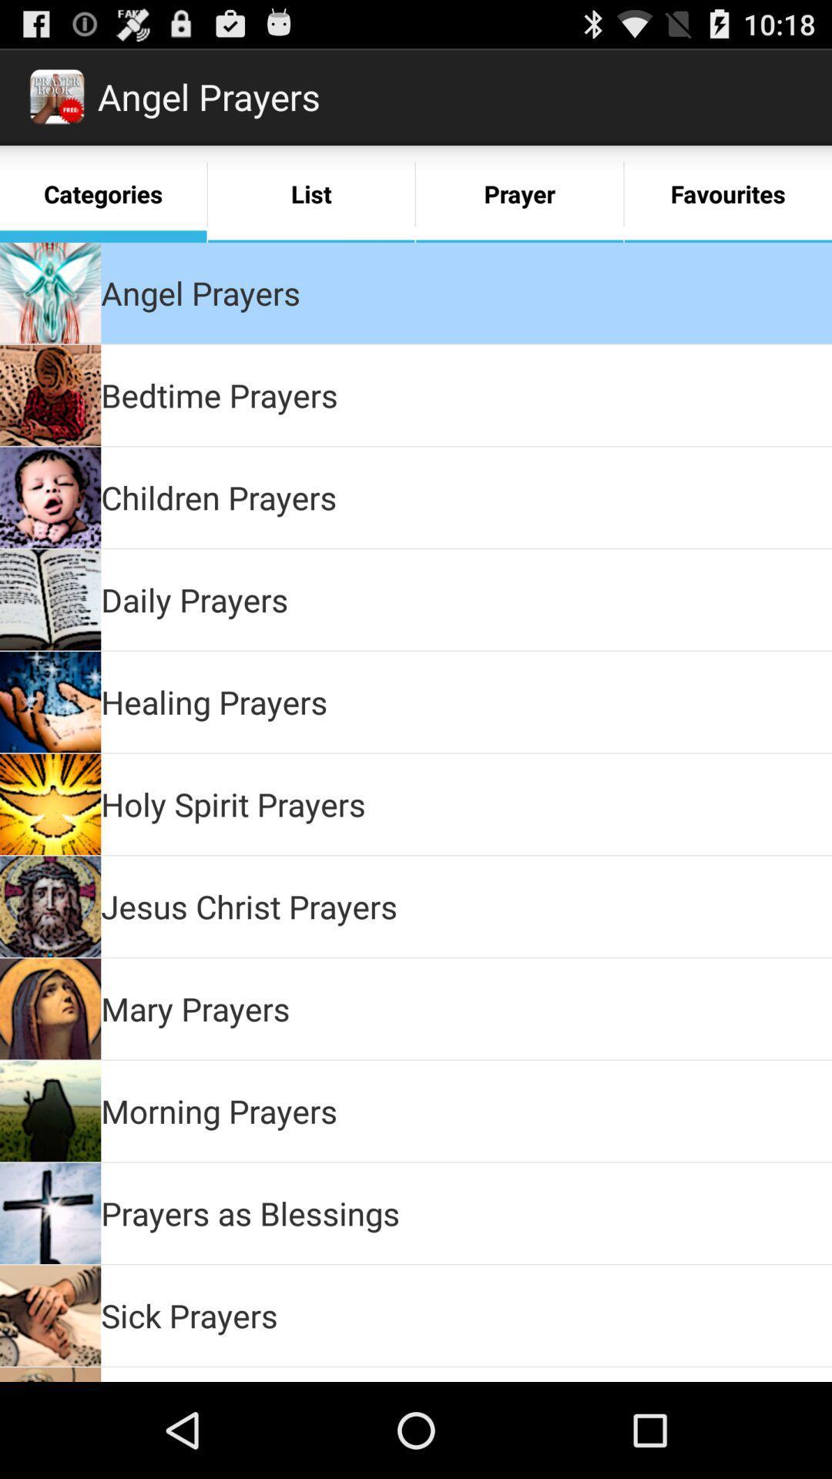  Describe the element at coordinates (250, 1212) in the screenshot. I see `prayers as blessings icon` at that location.